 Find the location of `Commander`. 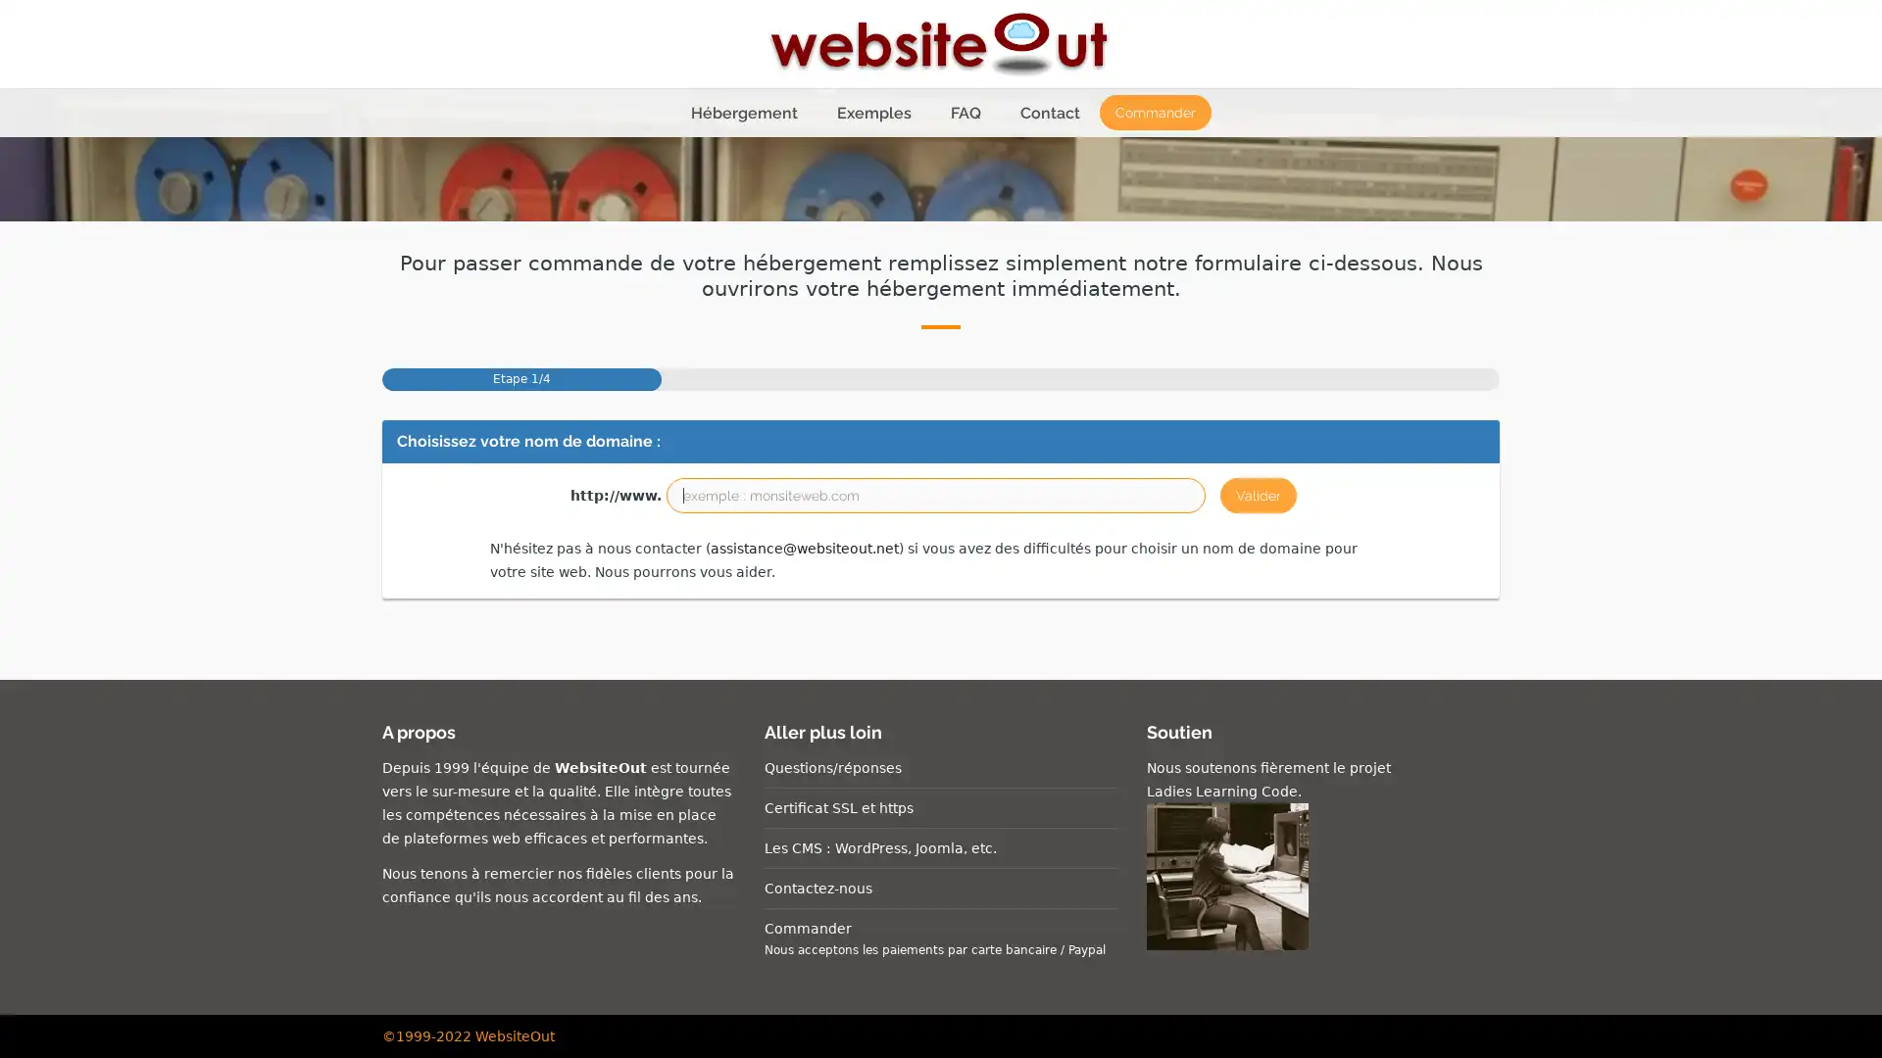

Commander is located at coordinates (1154, 113).